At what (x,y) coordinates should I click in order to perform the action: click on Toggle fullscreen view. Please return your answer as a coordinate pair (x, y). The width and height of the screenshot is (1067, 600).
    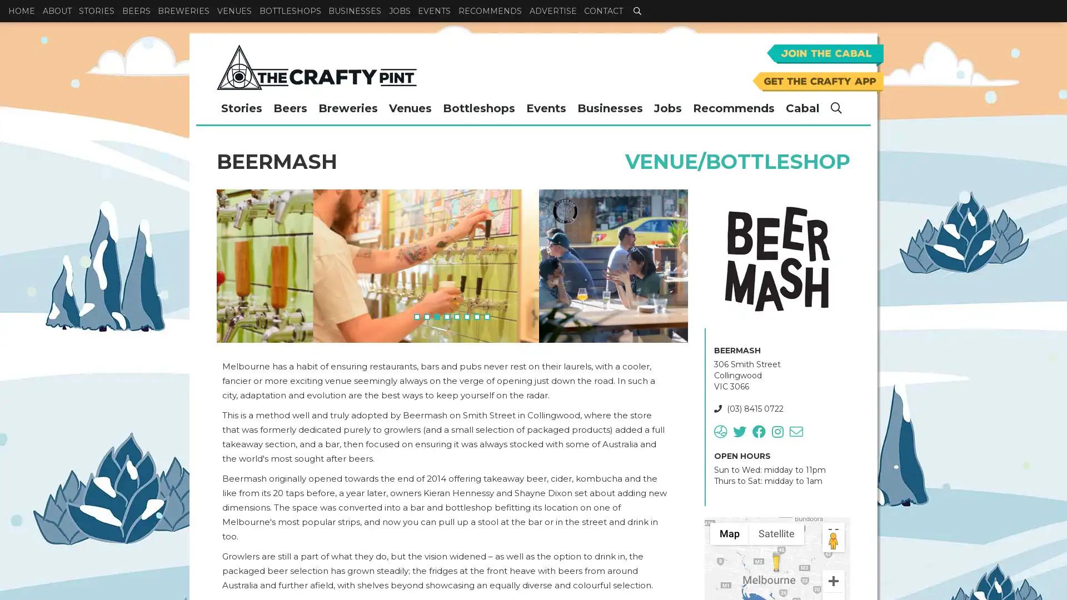
    Looking at the image, I should click on (833, 533).